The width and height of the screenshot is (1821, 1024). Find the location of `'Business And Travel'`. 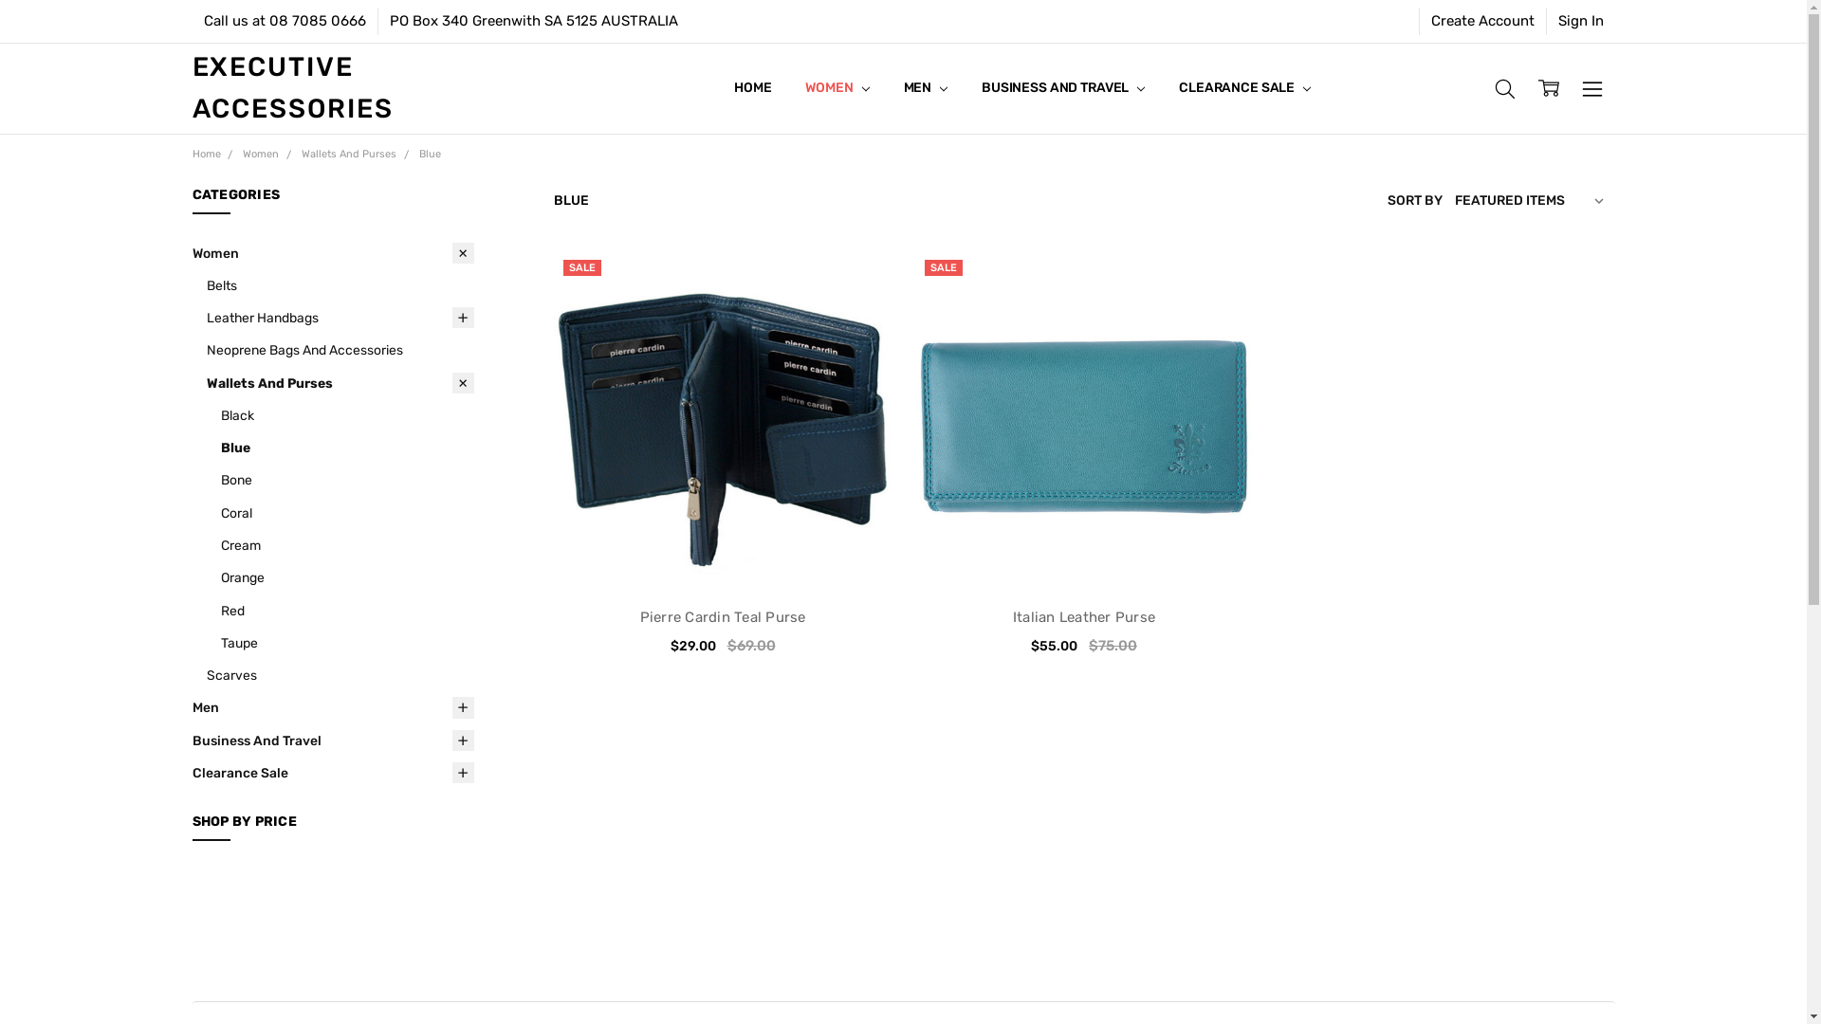

'Business And Travel' is located at coordinates (332, 739).